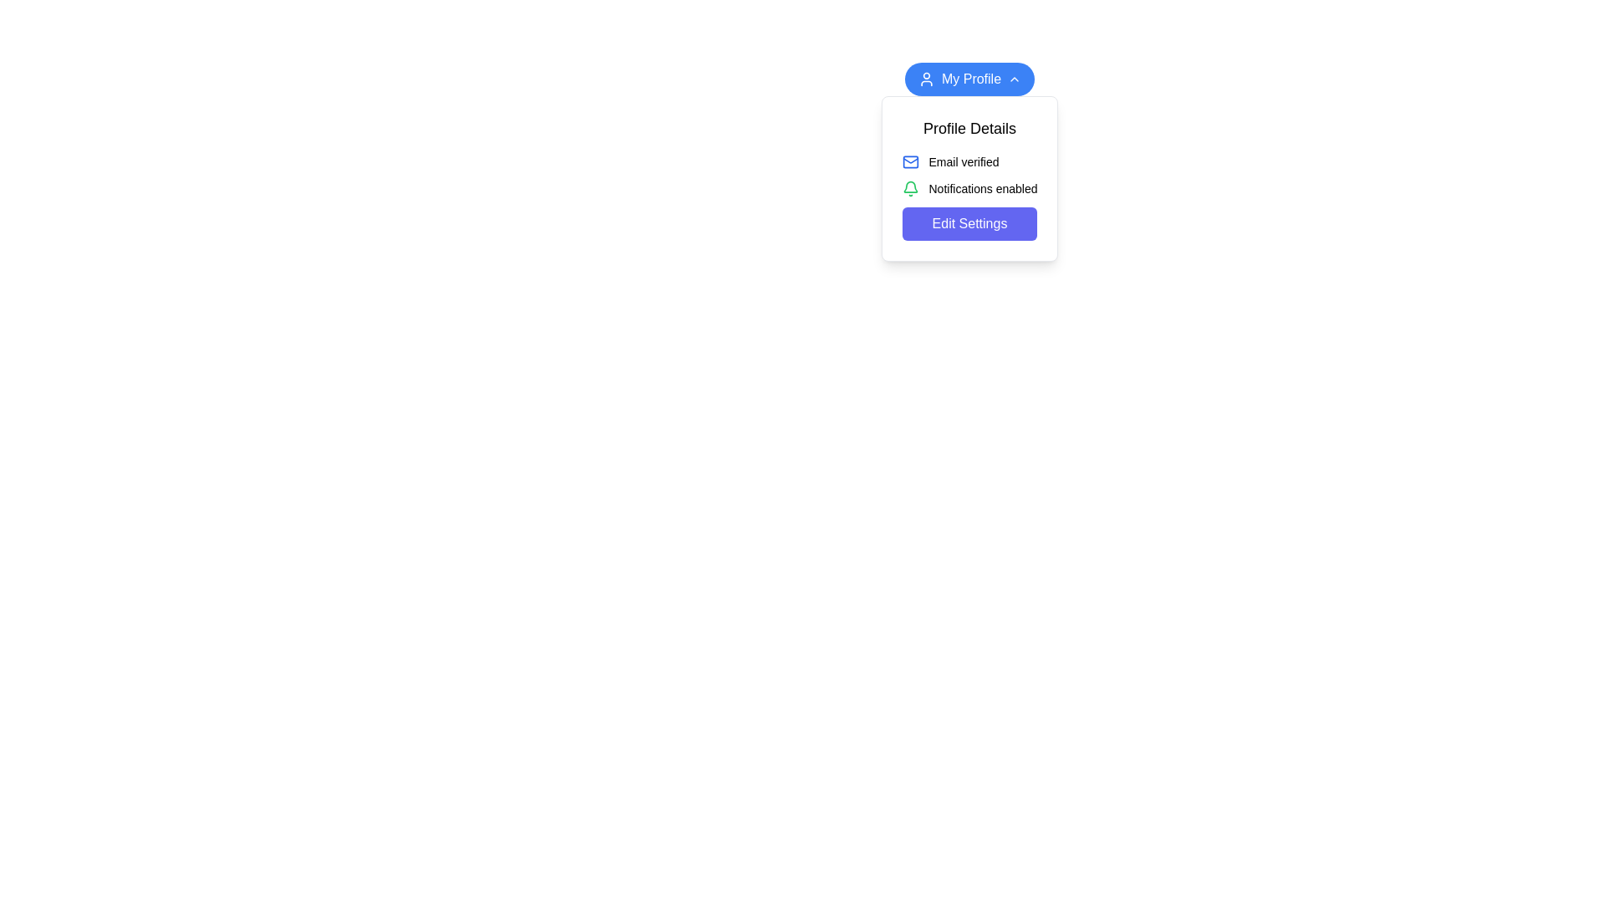  What do you see at coordinates (969, 196) in the screenshot?
I see `the status of email and notifications by interacting with the informational and functional panel located under 'Profile Details', which indicates 'Email verified' and 'Notifications enabled'` at bounding box center [969, 196].